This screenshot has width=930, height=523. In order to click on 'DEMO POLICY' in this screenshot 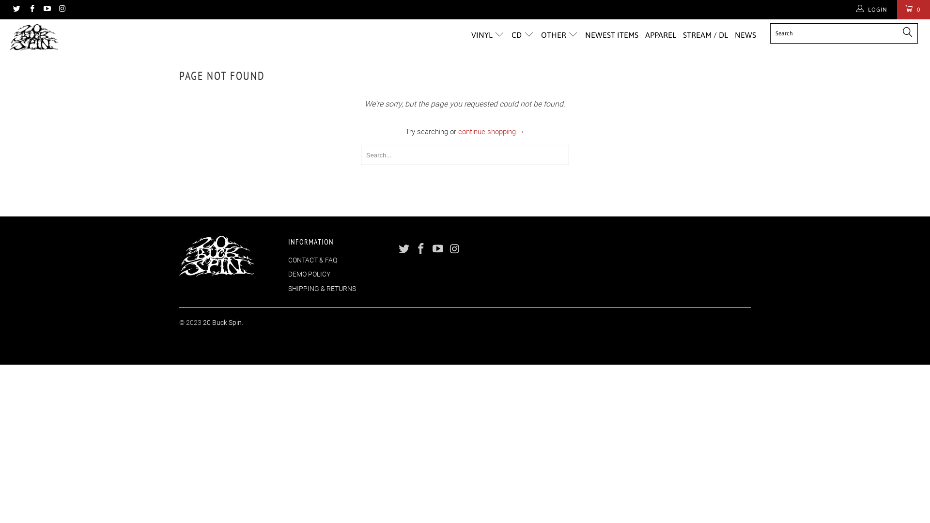, I will do `click(309, 274)`.